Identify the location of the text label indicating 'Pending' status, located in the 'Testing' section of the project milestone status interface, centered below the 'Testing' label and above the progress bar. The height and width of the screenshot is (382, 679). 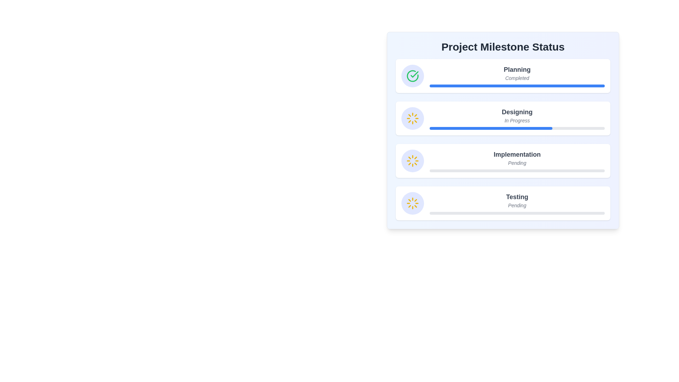
(517, 206).